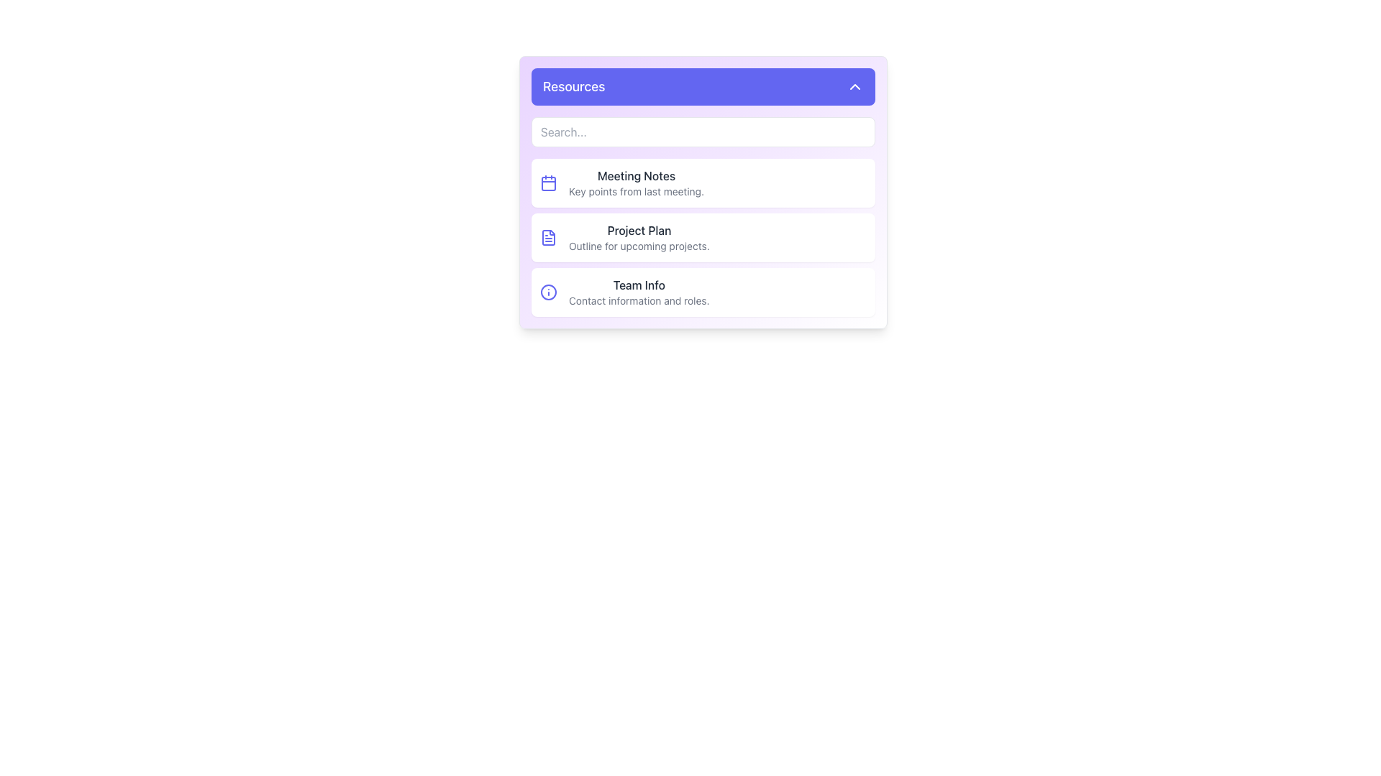 The height and width of the screenshot is (776, 1381). What do you see at coordinates (636, 175) in the screenshot?
I see `the 'Meeting Notes' text element` at bounding box center [636, 175].